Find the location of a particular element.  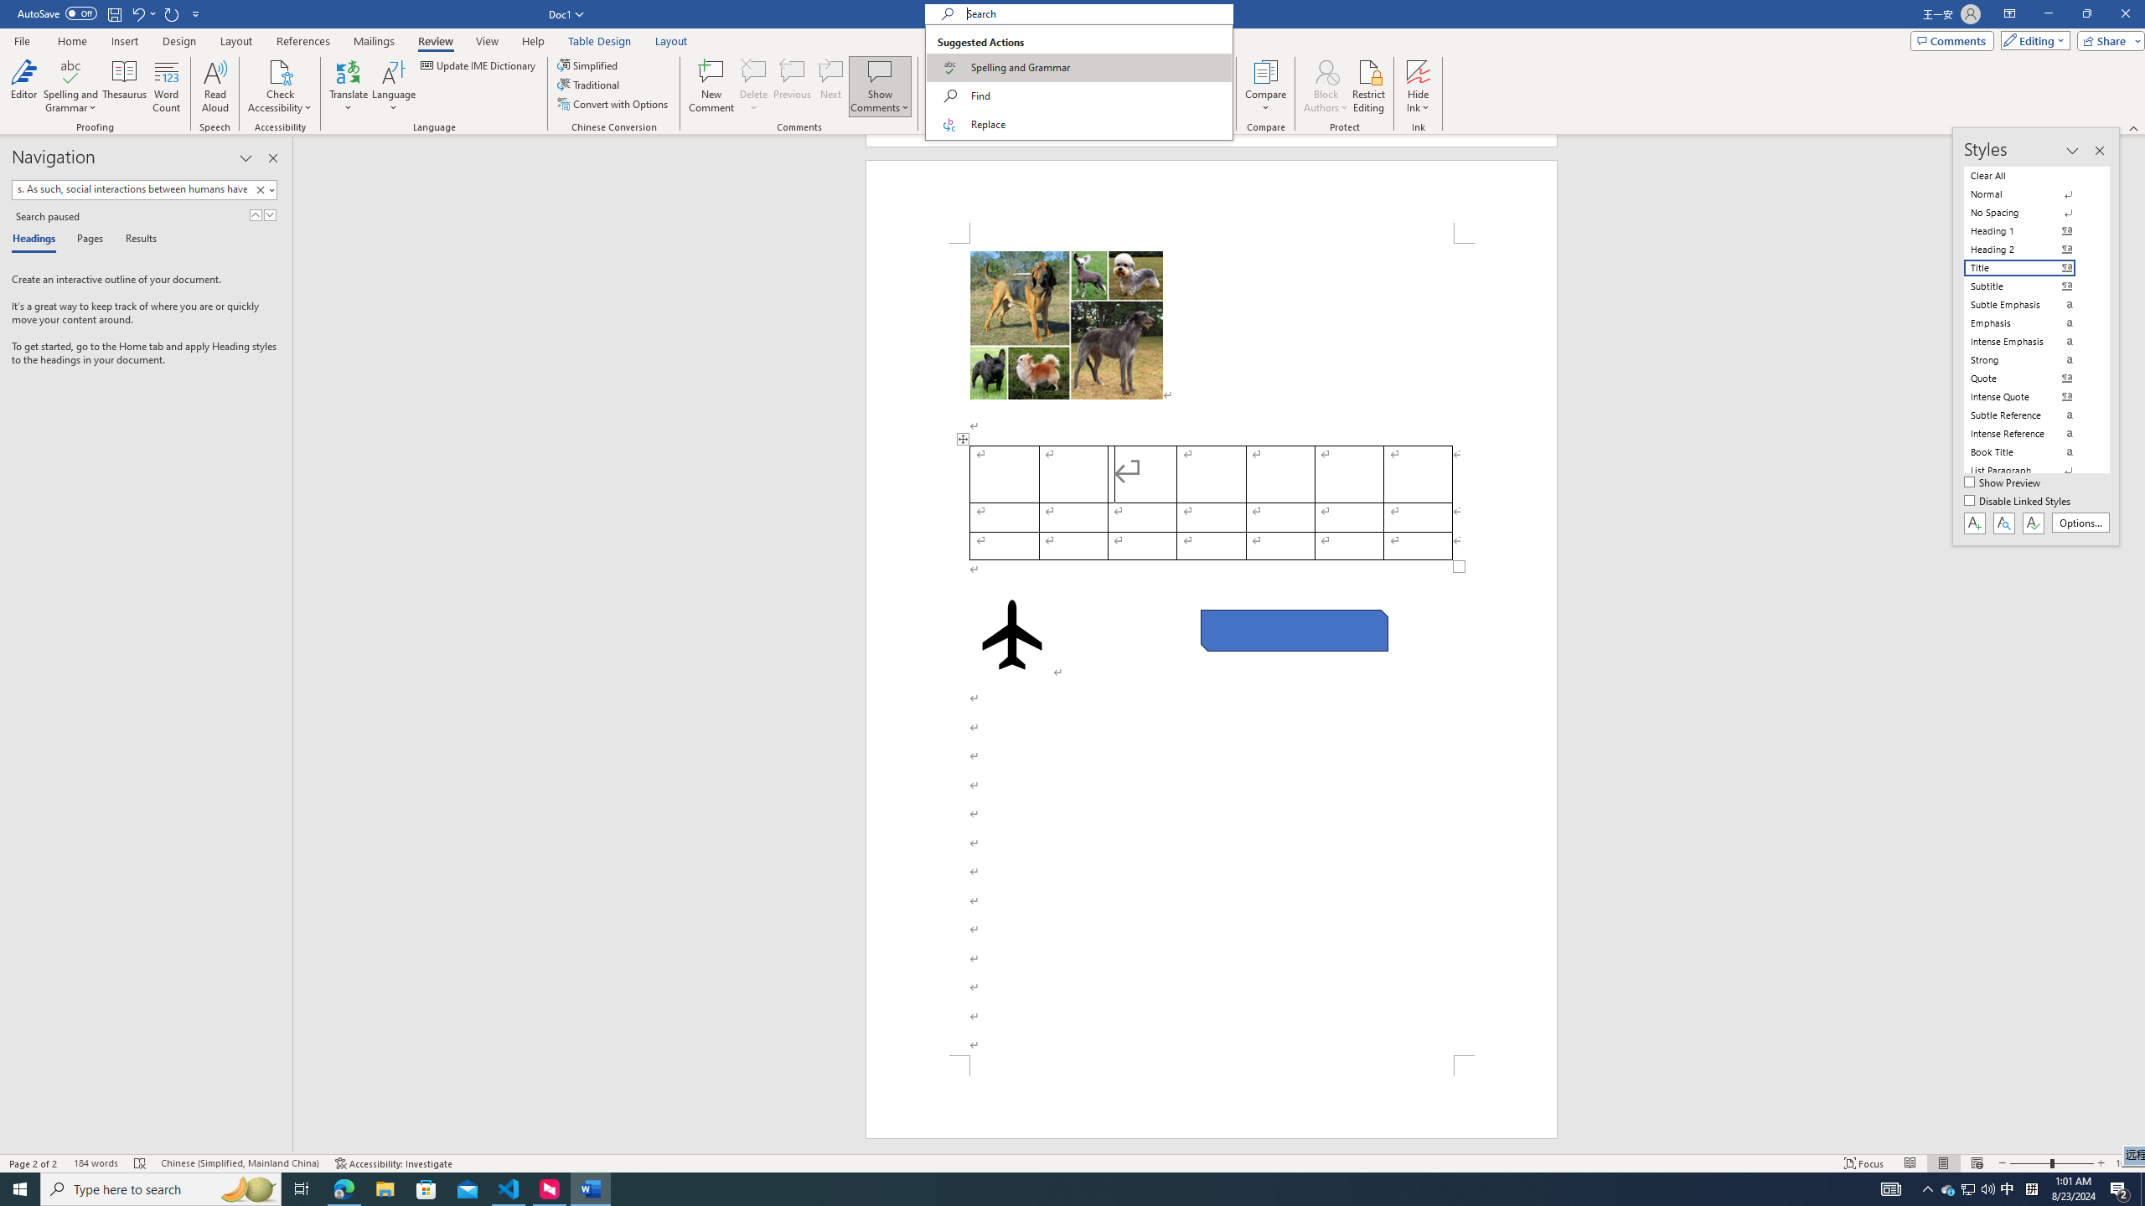

'Repeat Style' is located at coordinates (172, 13).